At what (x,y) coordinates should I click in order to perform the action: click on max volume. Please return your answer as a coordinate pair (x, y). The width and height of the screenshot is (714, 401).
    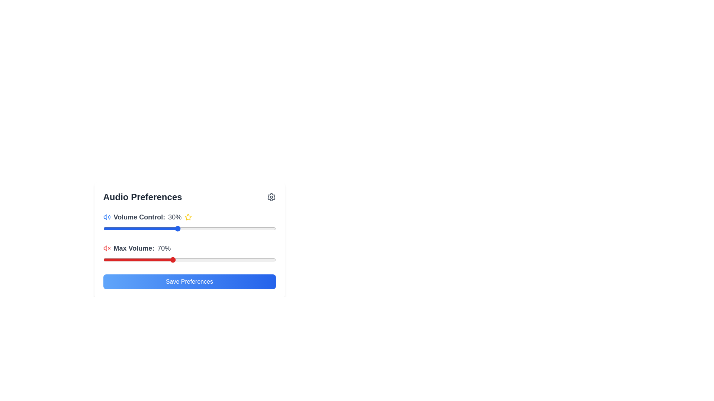
    Looking at the image, I should click on (227, 259).